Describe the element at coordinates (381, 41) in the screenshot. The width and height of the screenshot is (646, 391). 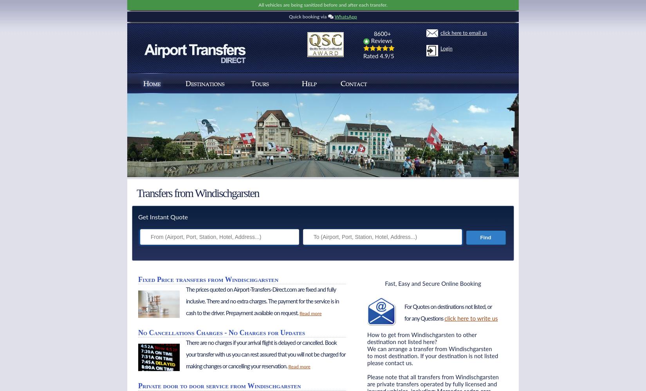
I see `'Reviews'` at that location.